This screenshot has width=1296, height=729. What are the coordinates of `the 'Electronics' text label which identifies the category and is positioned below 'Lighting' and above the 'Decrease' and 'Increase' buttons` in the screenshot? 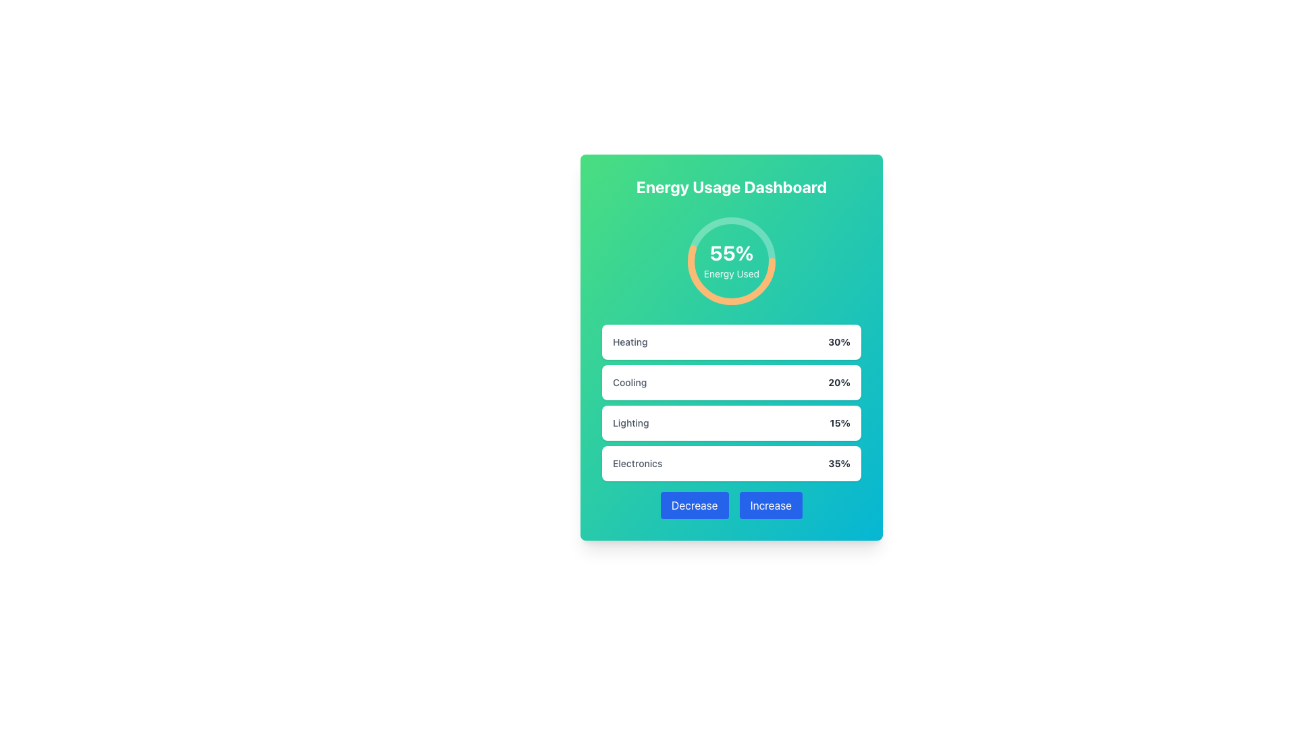 It's located at (637, 462).